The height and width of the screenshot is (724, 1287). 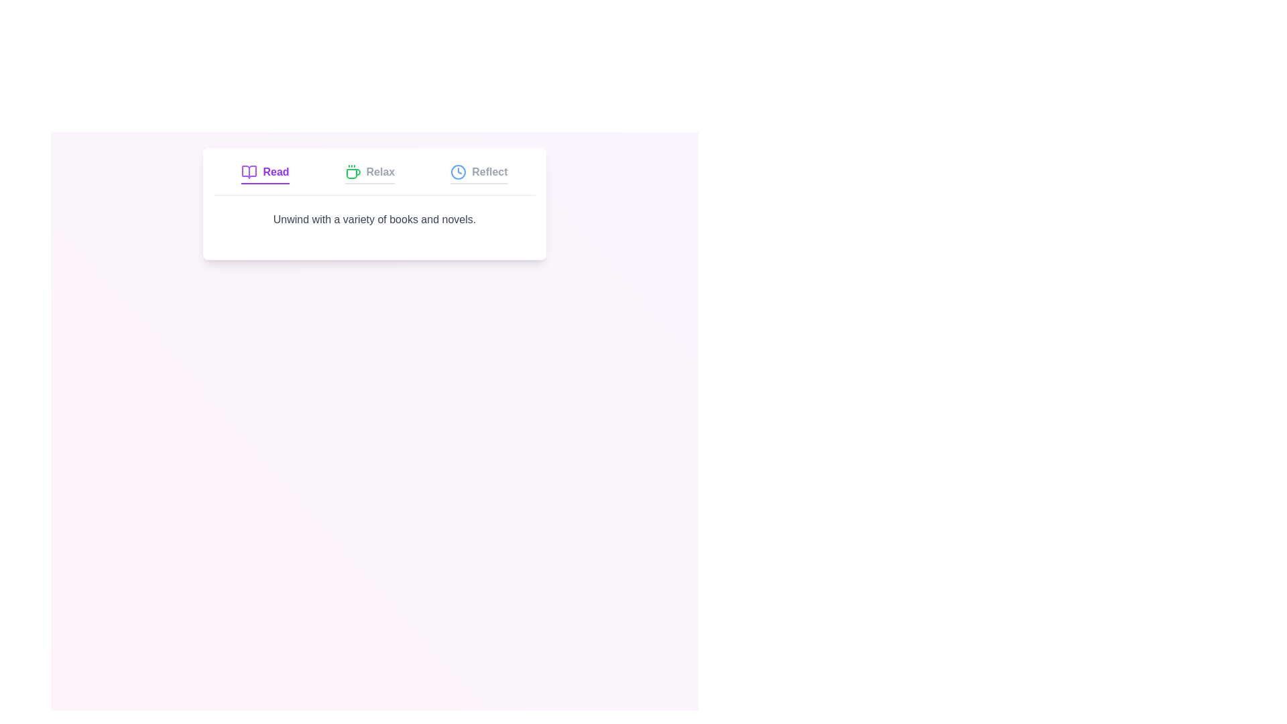 I want to click on the Read tab to switch its content, so click(x=265, y=173).